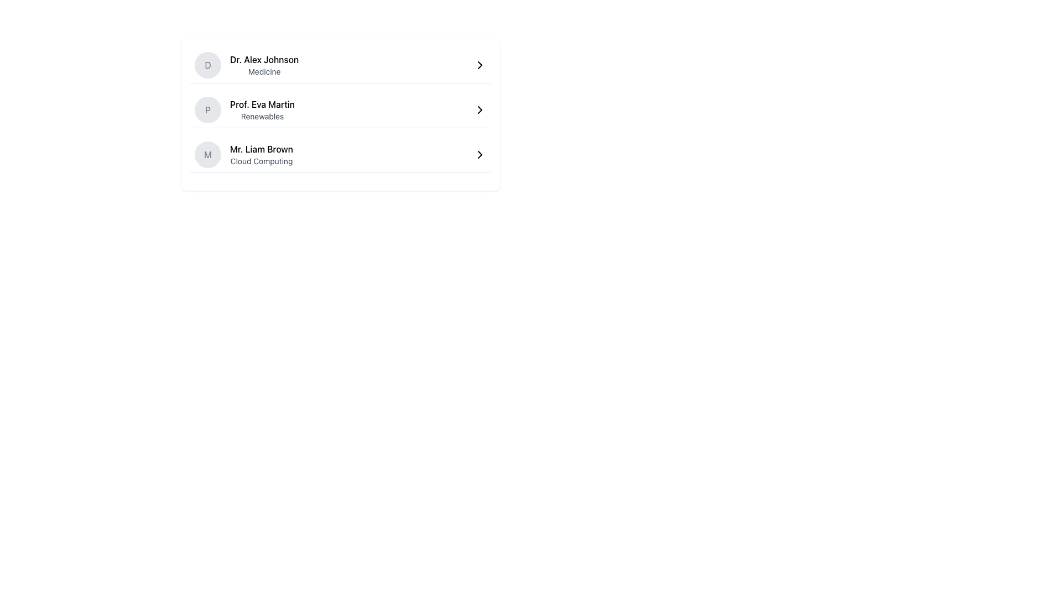 This screenshot has height=597, width=1062. I want to click on the right-facing chevron icon located at the far-right side of the row containing 'Prof. Eva Martin' and 'Renewables', so click(480, 110).